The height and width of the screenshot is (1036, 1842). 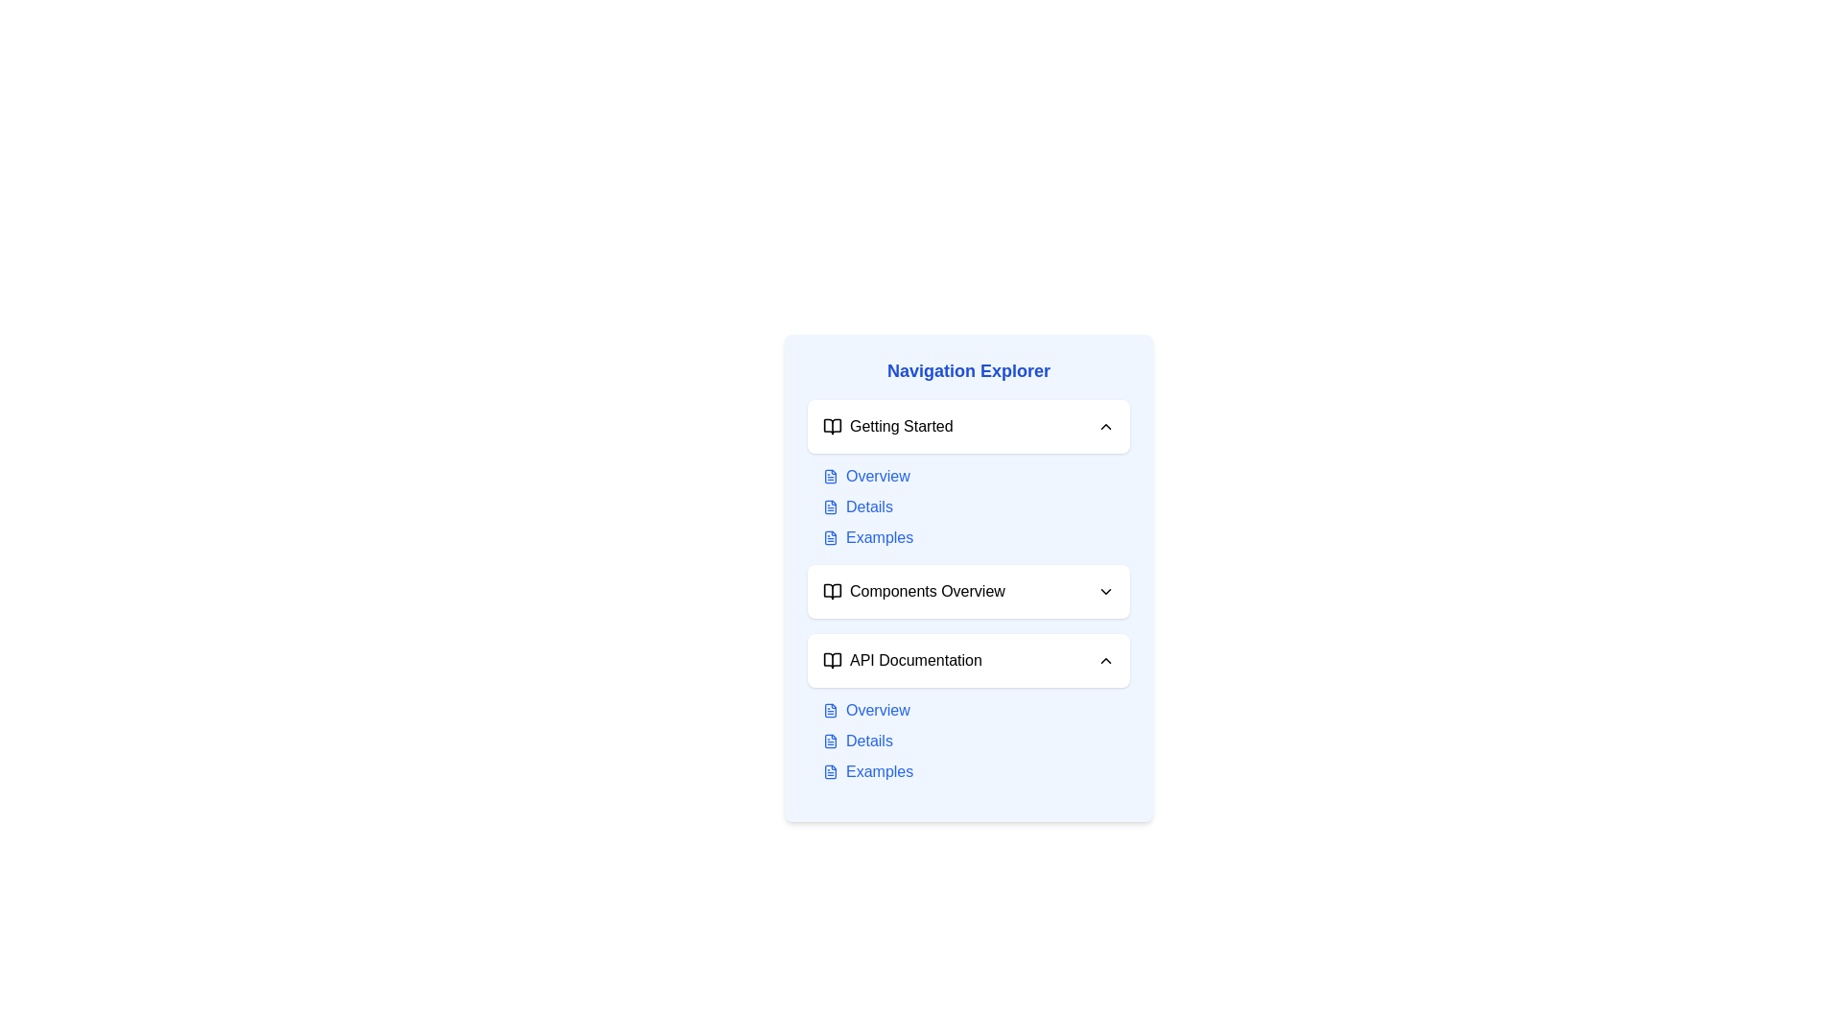 What do you see at coordinates (833, 591) in the screenshot?
I see `the open book icon in the navigation pane titled 'Components Overview'` at bounding box center [833, 591].